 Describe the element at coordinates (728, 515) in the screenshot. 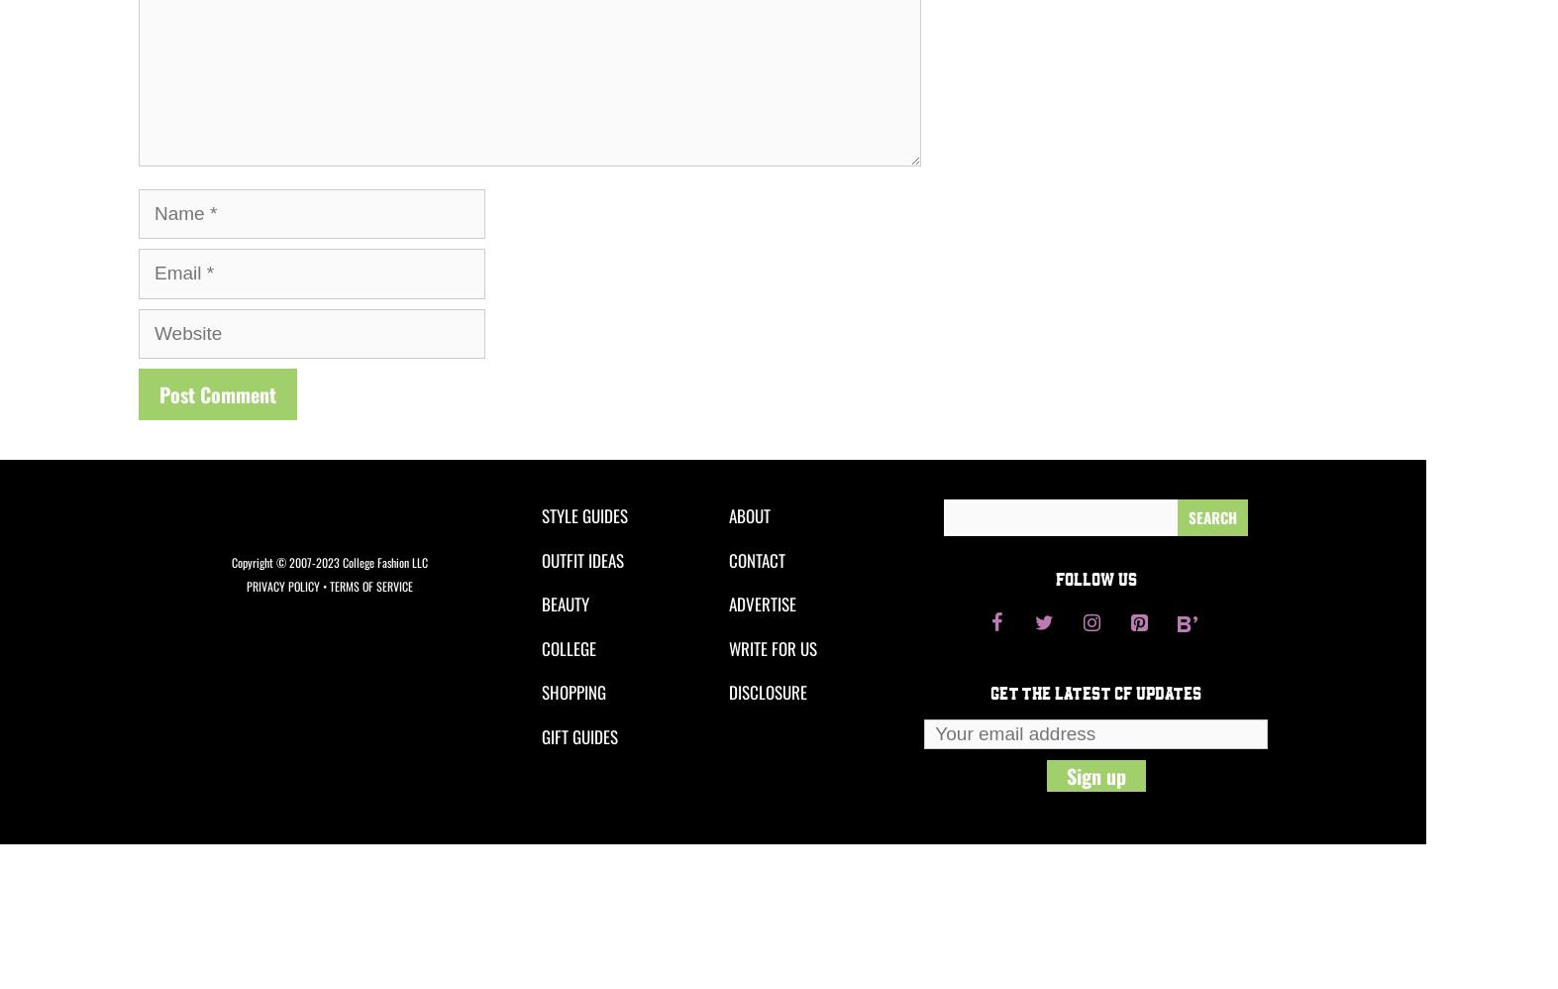

I see `'About'` at that location.